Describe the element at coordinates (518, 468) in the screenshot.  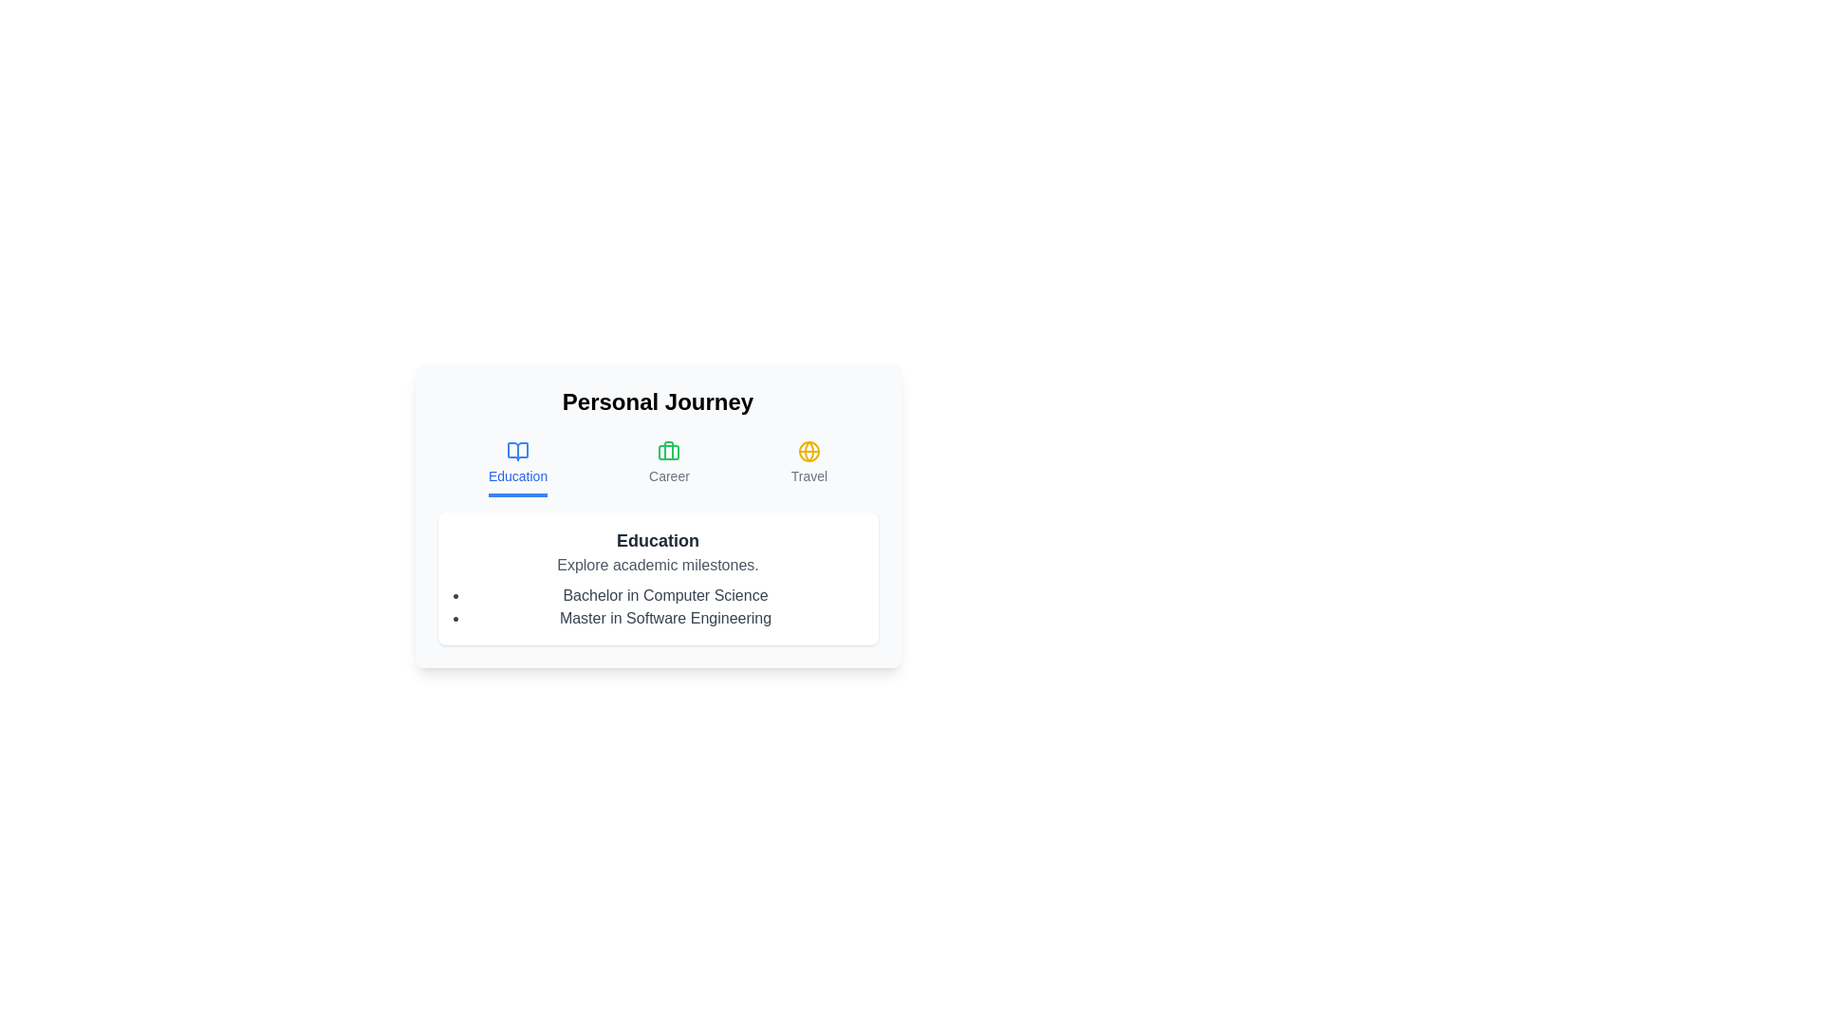
I see `the first button in the horizontal group of three that is labeled for 'Education'` at that location.